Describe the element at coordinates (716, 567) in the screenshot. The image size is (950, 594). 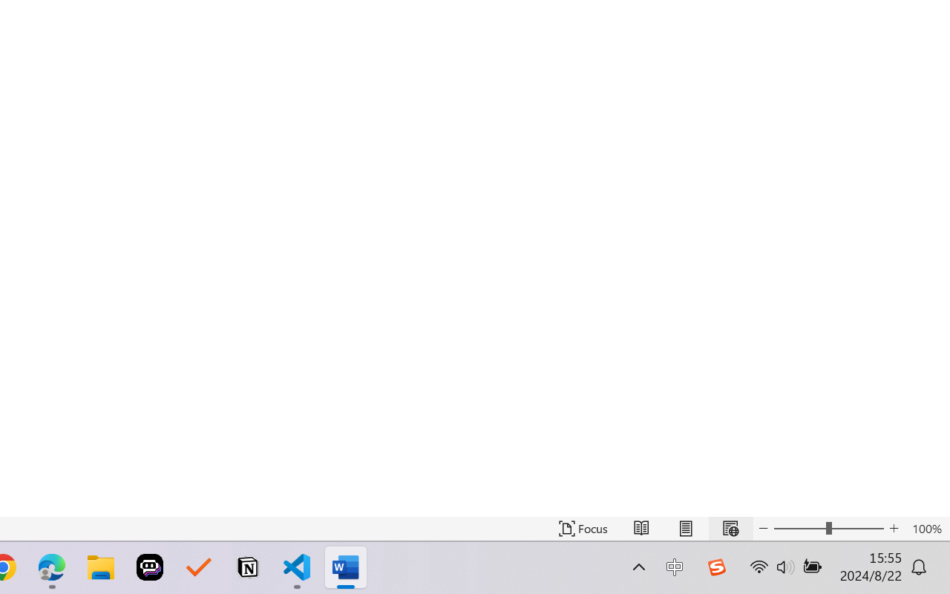
I see `'Class: Image'` at that location.